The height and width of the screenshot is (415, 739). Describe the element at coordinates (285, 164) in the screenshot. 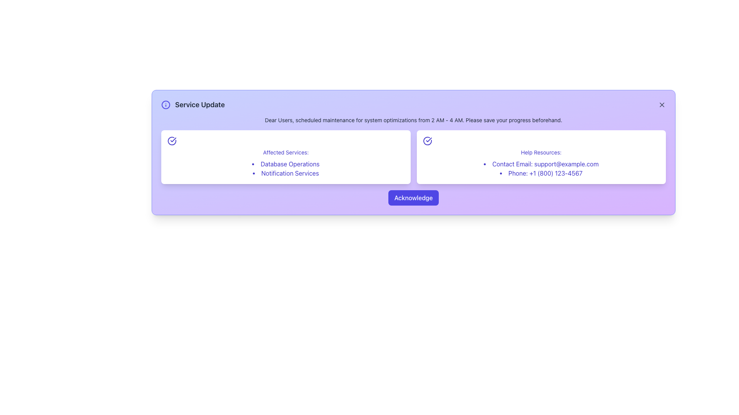

I see `the first list item reading 'Database Operations' styled in blue font, located under the heading 'Affected Services:' in the bottom-left half of the interface` at that location.